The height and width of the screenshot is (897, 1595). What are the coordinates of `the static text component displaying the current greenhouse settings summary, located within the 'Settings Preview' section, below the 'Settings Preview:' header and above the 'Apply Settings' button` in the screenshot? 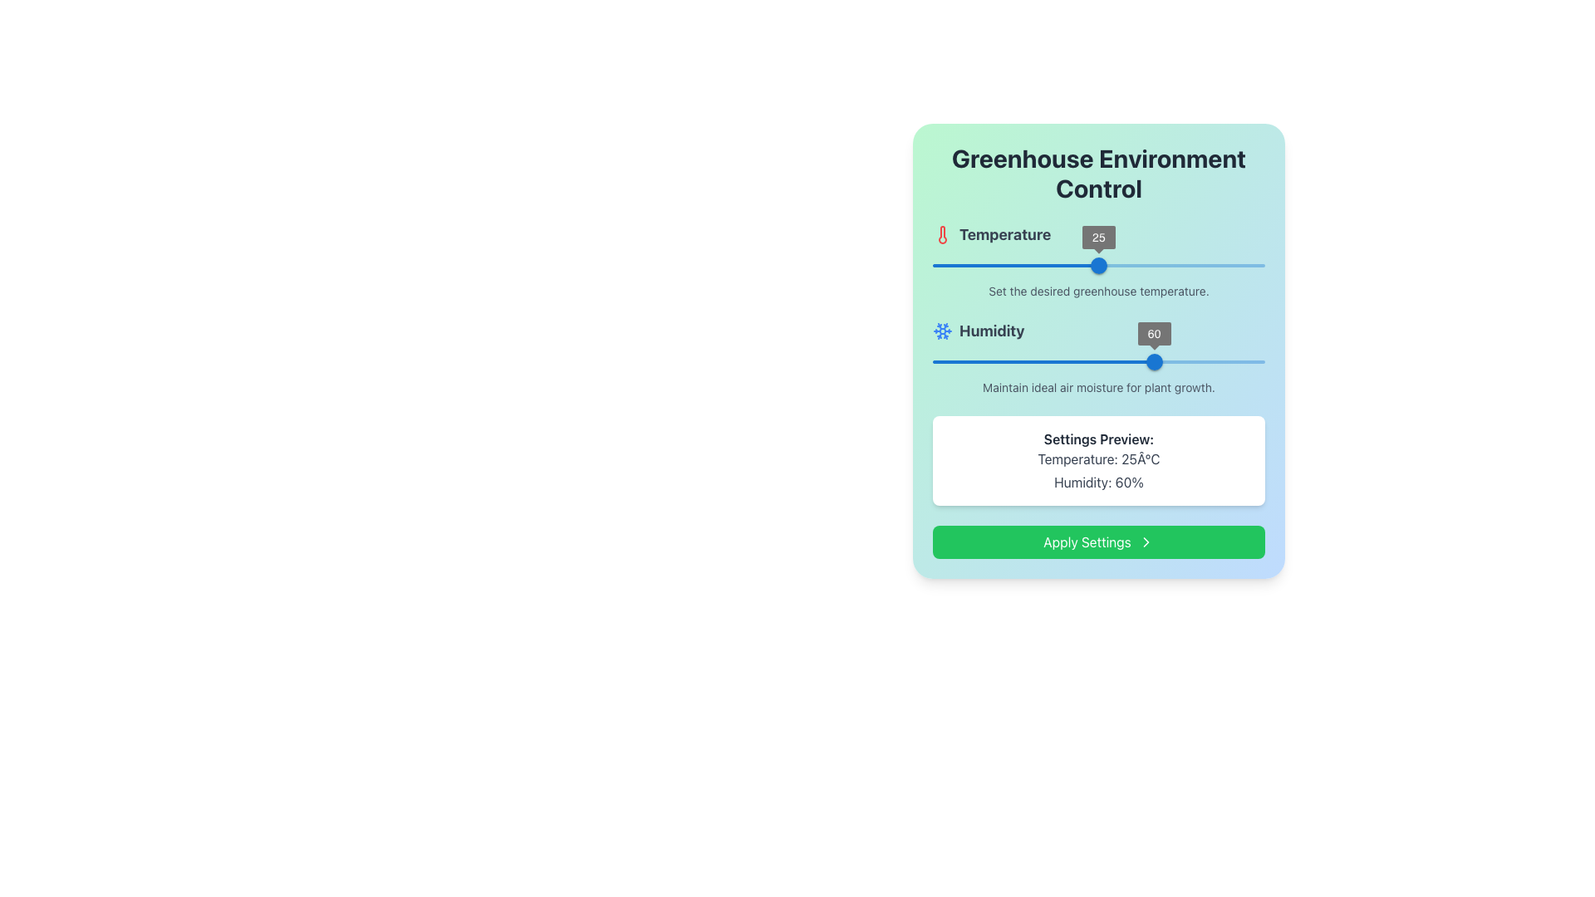 It's located at (1099, 471).